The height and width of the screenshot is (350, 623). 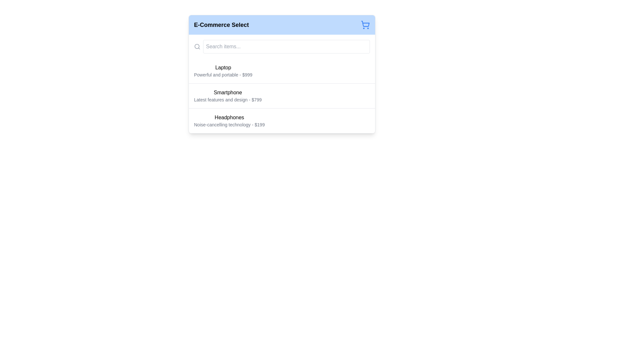 I want to click on the list item displaying 'Smartphone' with the description 'Latest features and design - $799' for further interaction, so click(x=282, y=96).